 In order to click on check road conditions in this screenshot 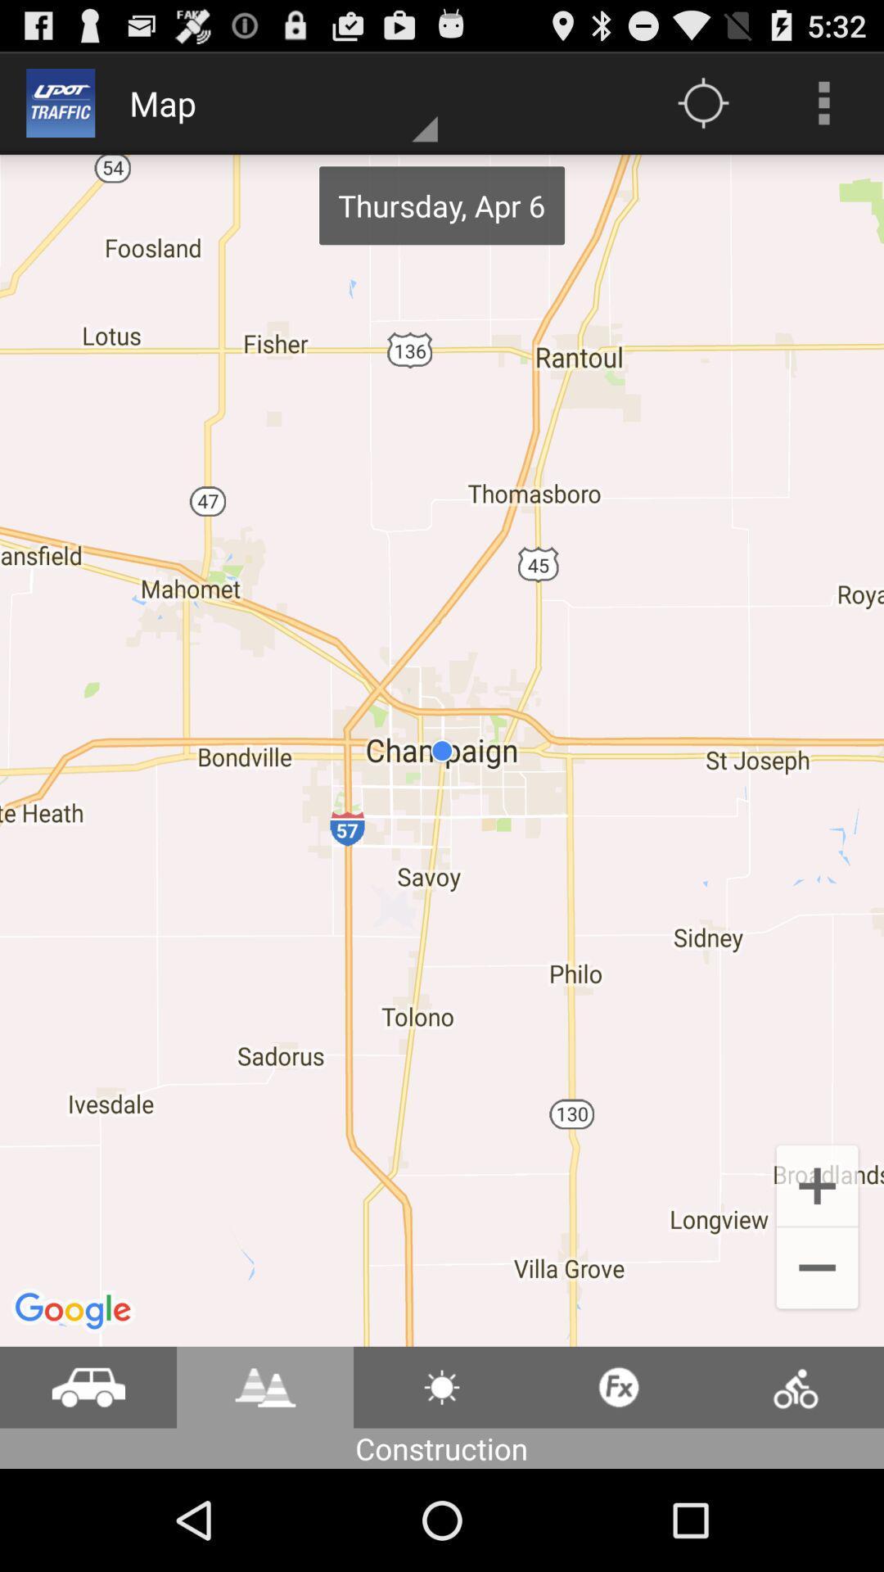, I will do `click(264, 1386)`.